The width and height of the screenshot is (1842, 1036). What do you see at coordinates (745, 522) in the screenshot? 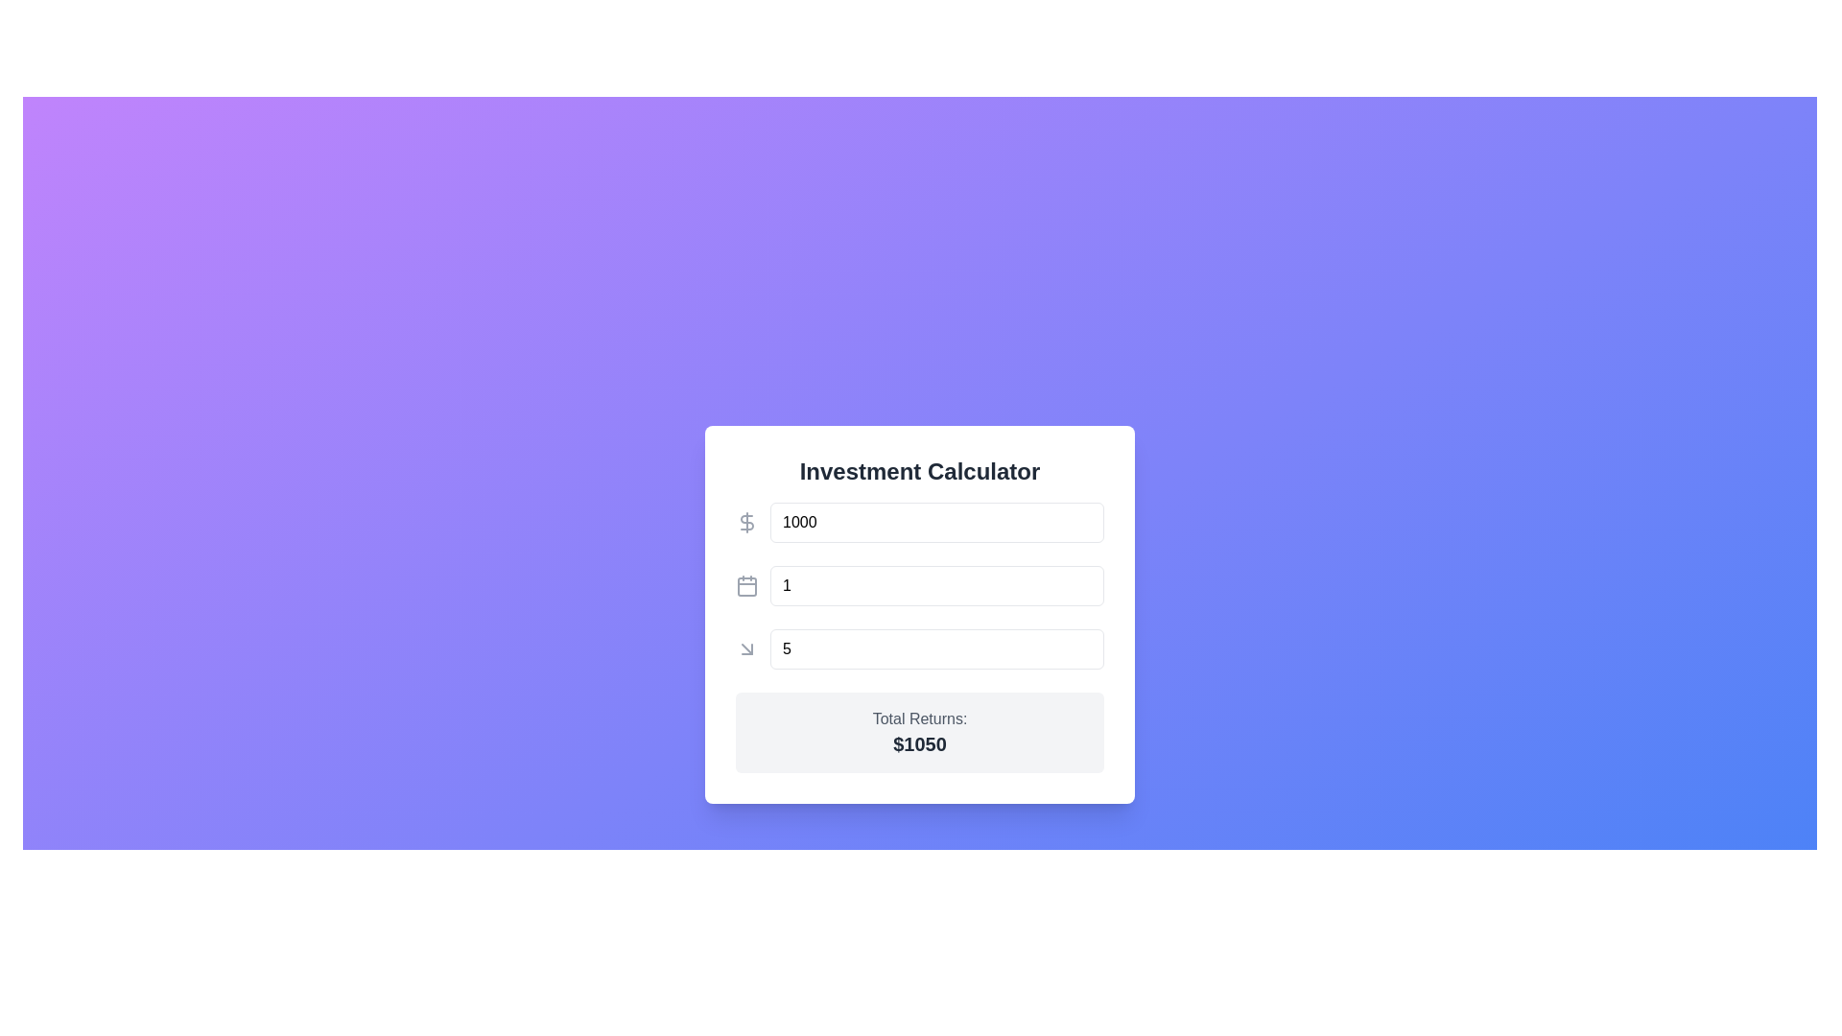
I see `the gray dollar sign icon located to the left of the 'Investment Amount' textbox` at bounding box center [745, 522].